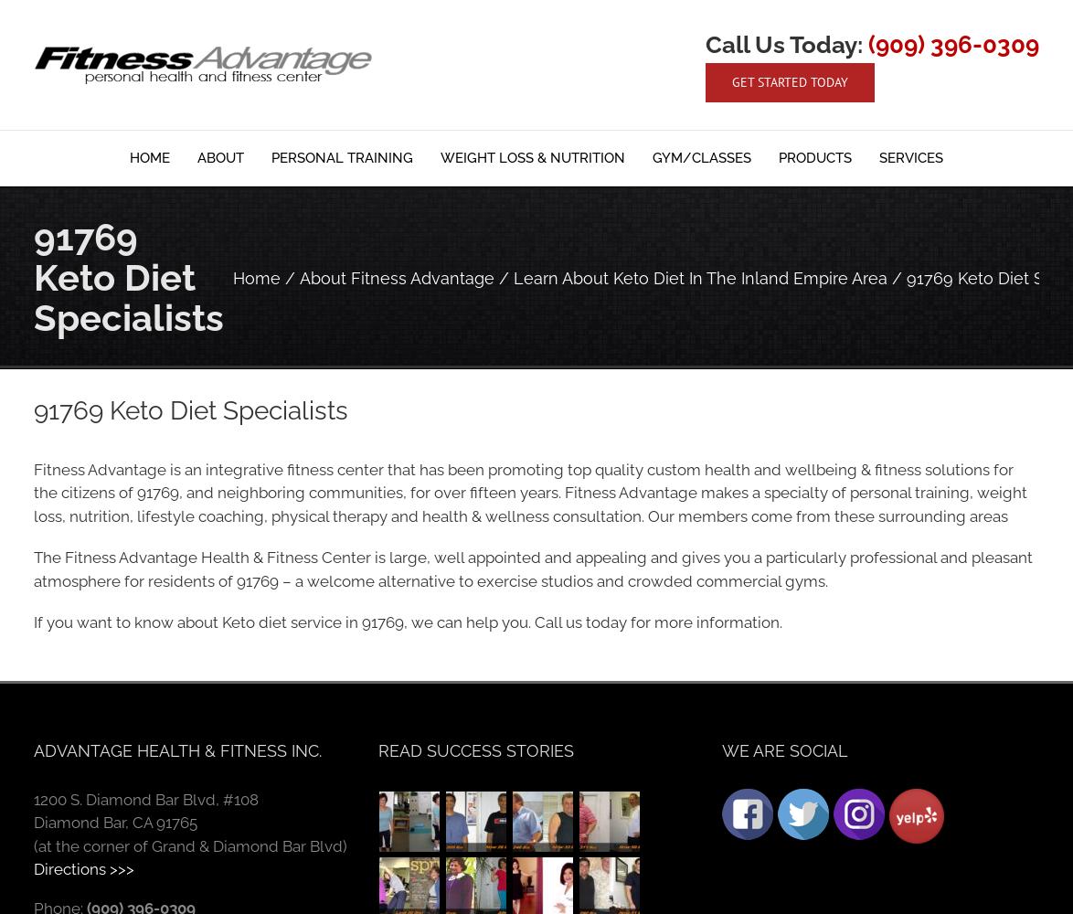 This screenshot has width=1073, height=914. What do you see at coordinates (254, 341) in the screenshot?
I see `'Testimonials'` at bounding box center [254, 341].